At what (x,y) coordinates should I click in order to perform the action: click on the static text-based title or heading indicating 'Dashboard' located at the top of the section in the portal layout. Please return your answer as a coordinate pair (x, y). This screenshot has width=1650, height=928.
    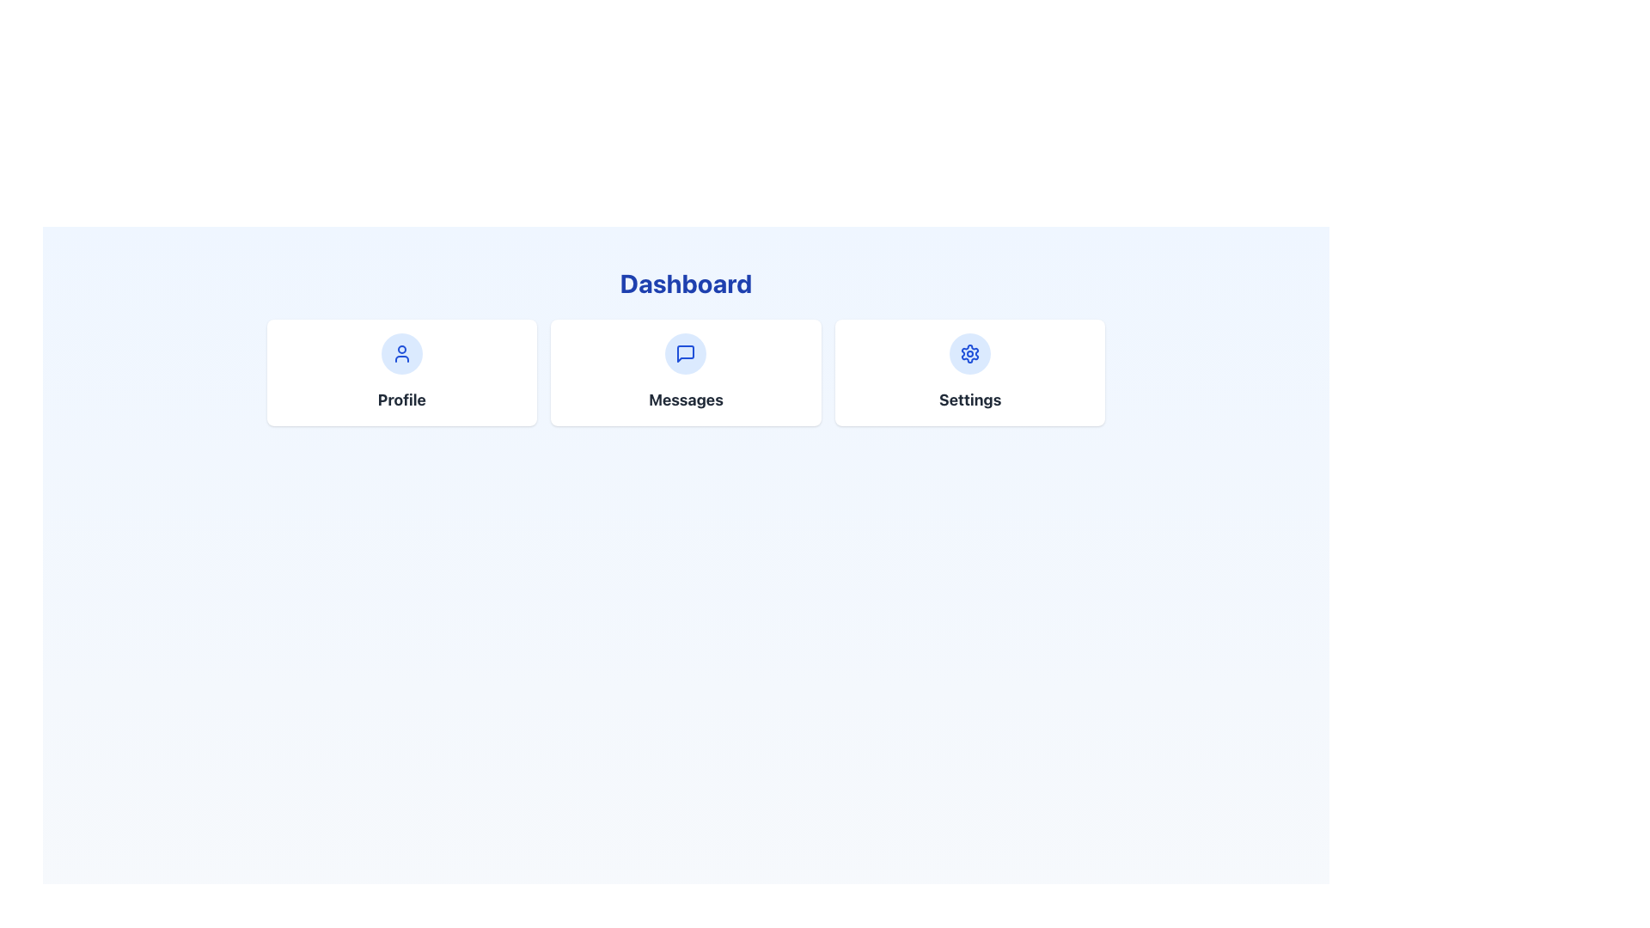
    Looking at the image, I should click on (685, 283).